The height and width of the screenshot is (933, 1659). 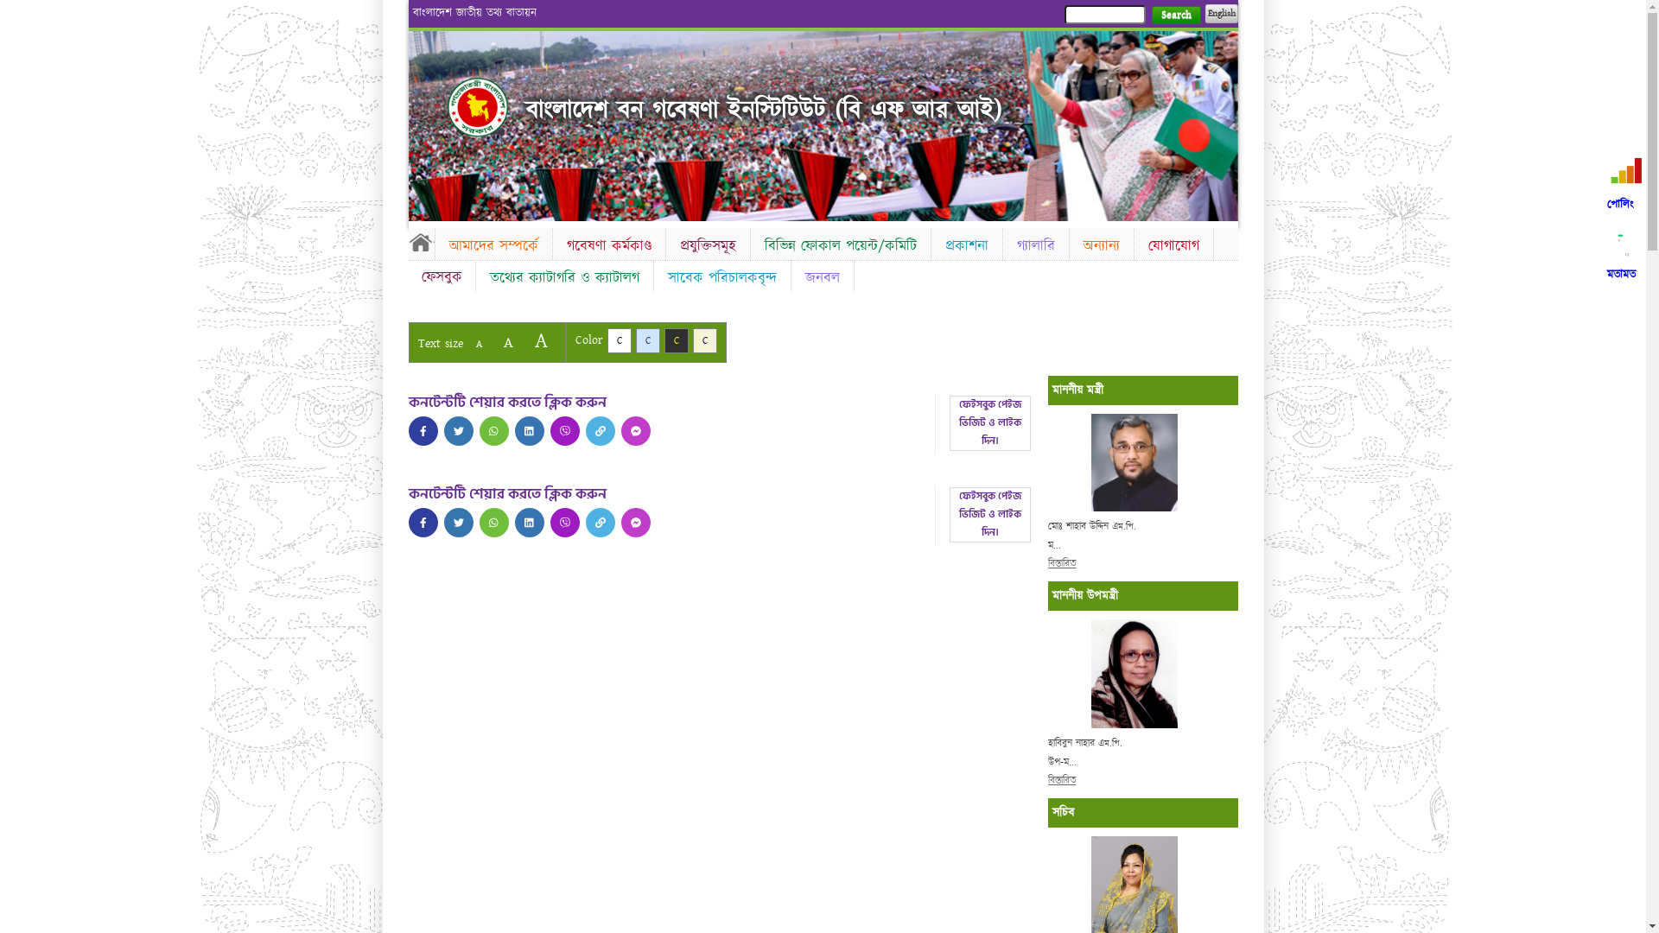 What do you see at coordinates (448, 106) in the screenshot?
I see `'Home'` at bounding box center [448, 106].